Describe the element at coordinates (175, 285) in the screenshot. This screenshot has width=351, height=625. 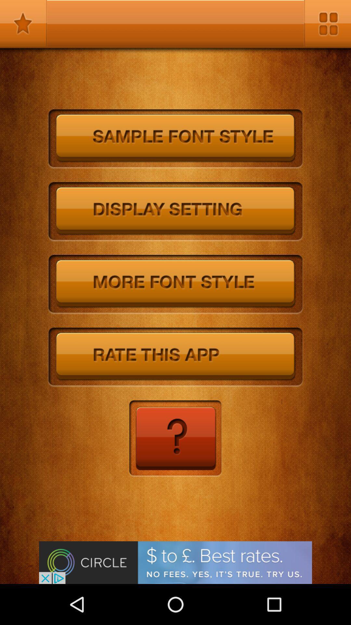
I see `more font style option` at that location.